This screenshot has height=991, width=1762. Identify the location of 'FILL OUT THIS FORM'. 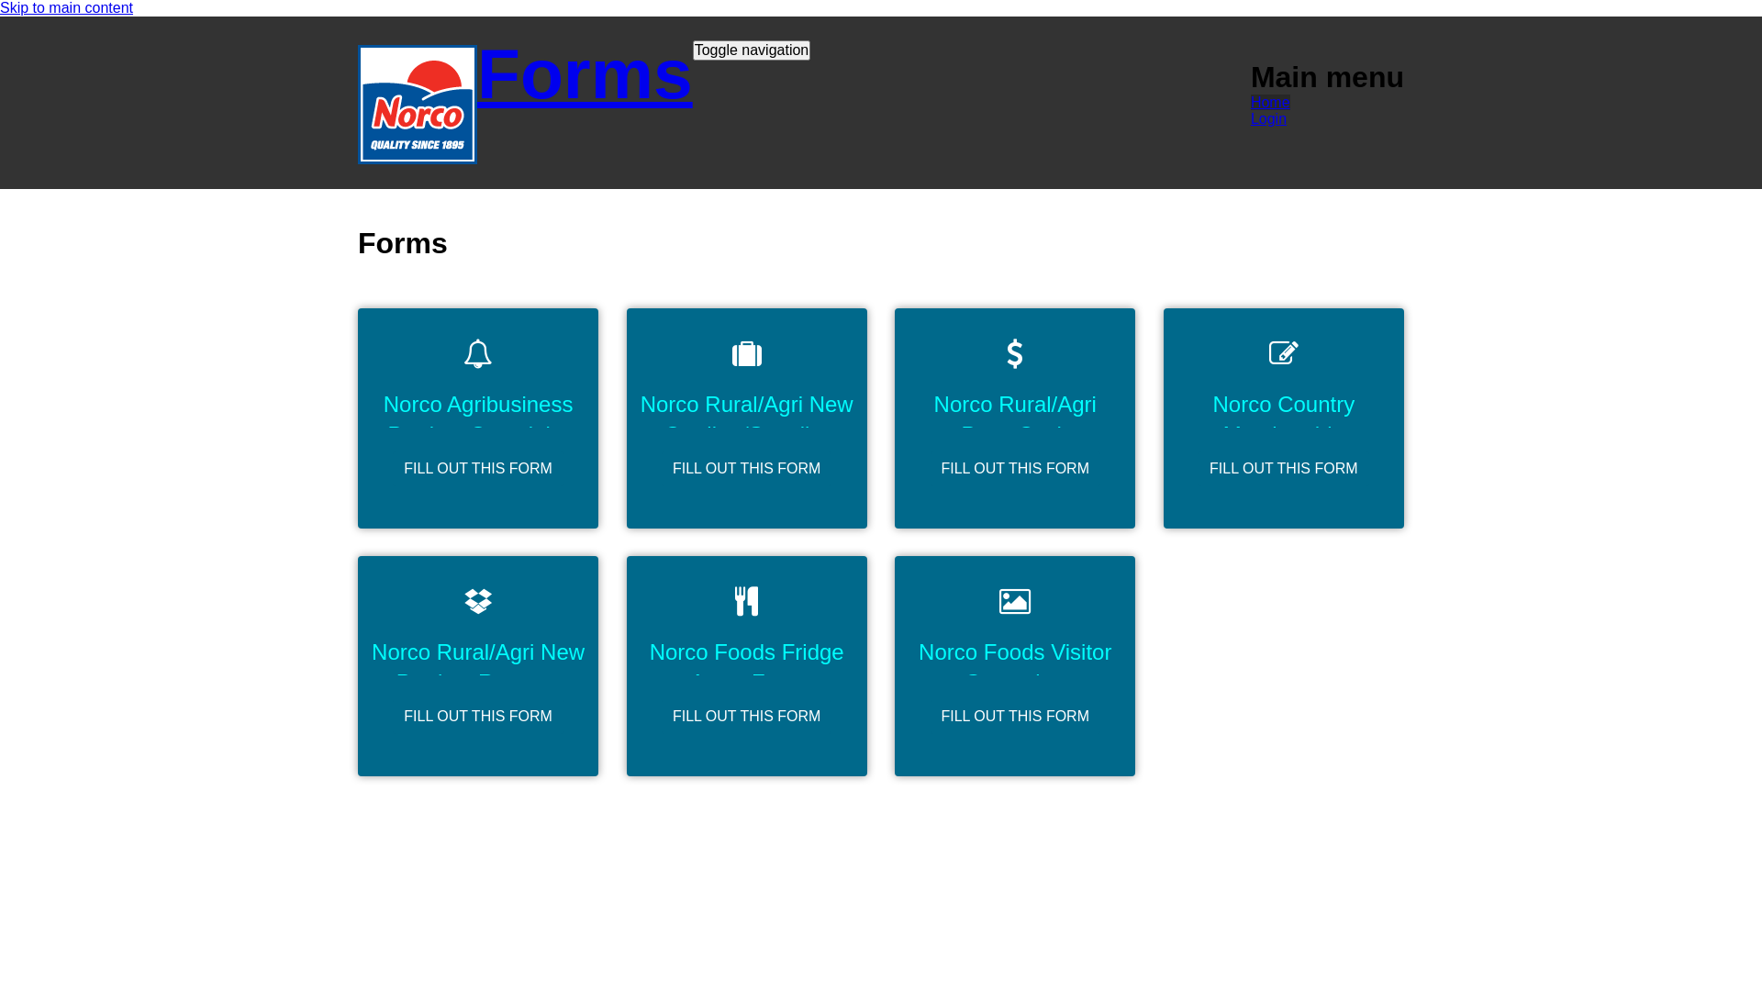
(1015, 715).